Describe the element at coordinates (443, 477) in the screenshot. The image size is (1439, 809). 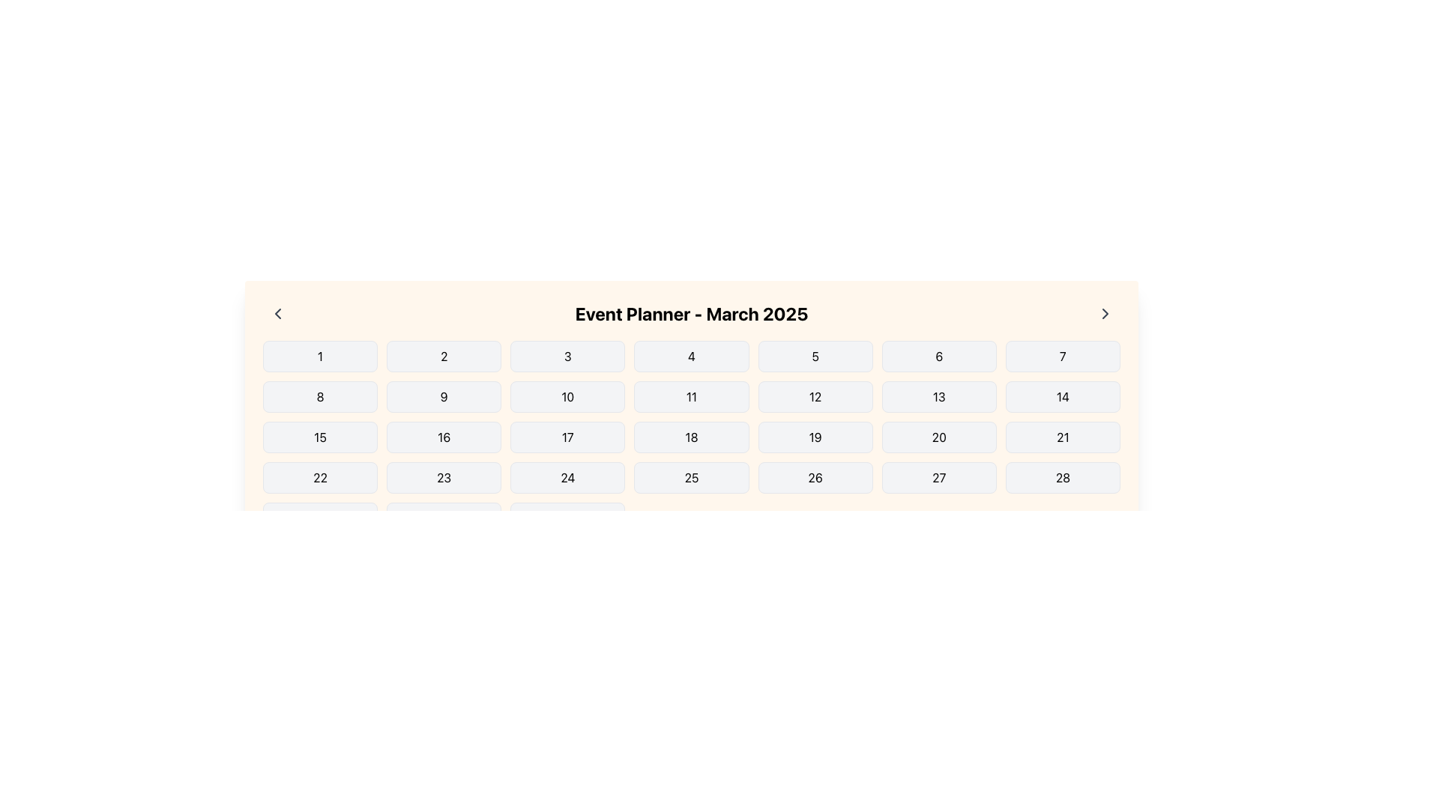
I see `the static text representing the 23rd day in the calendar view` at that location.